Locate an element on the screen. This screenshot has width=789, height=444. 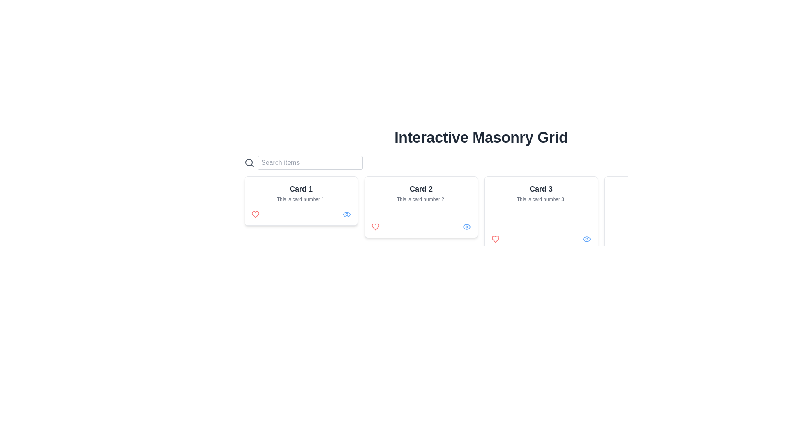
the eye-shaped icon in the bottom-right corner of 'Card 2' is located at coordinates (467, 227).